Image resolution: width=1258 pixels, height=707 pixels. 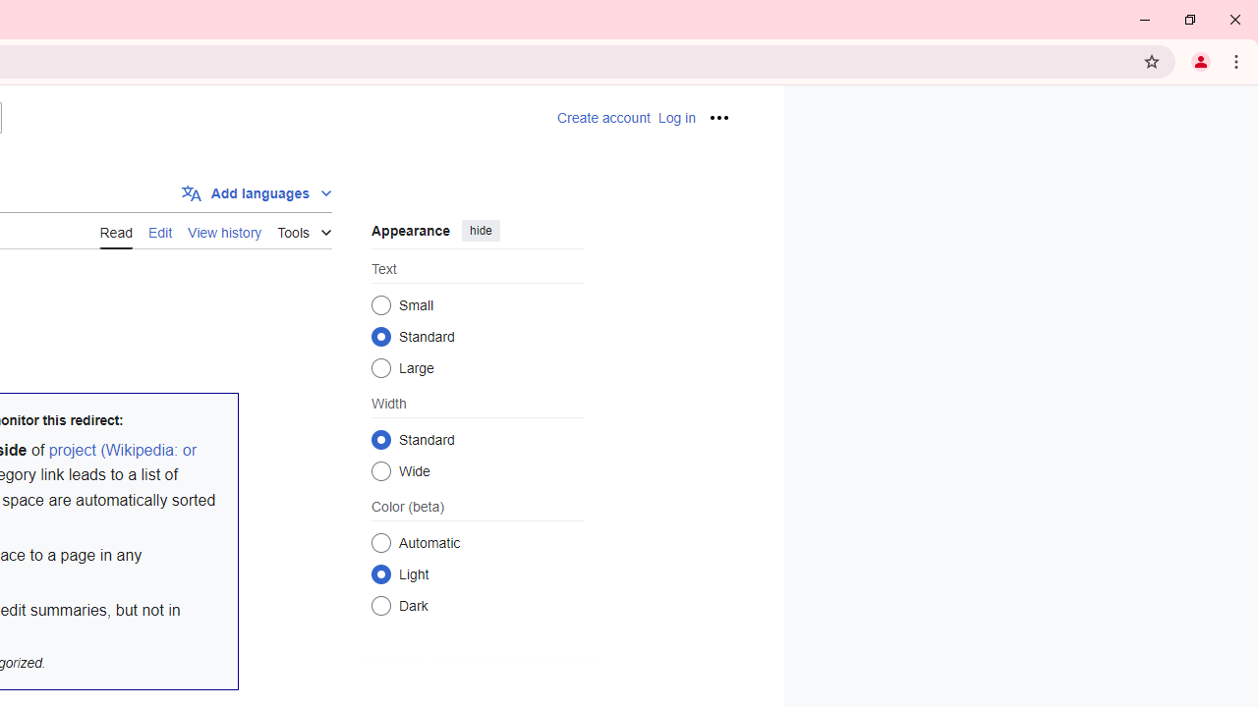 What do you see at coordinates (303, 228) in the screenshot?
I see `'Tools'` at bounding box center [303, 228].